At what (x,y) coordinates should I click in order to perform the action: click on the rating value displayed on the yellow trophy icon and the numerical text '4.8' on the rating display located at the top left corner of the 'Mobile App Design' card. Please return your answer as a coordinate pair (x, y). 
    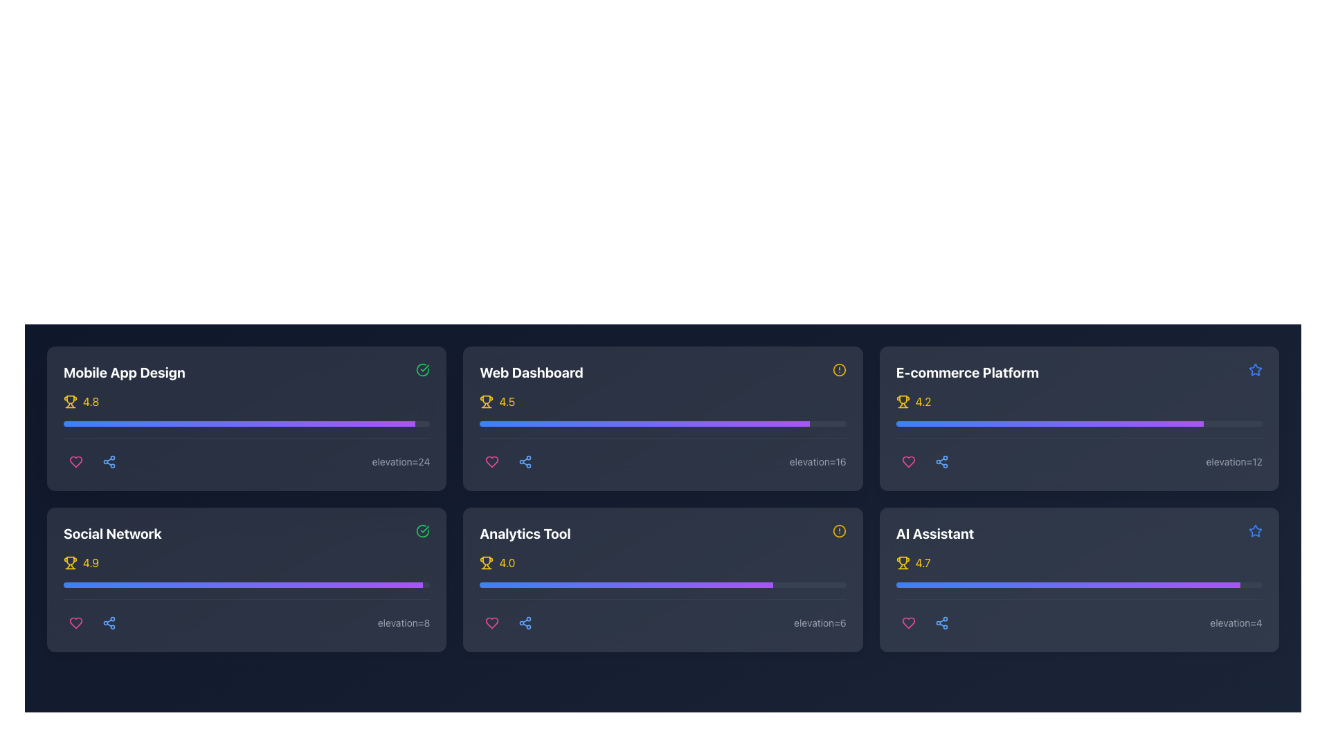
    Looking at the image, I should click on (246, 402).